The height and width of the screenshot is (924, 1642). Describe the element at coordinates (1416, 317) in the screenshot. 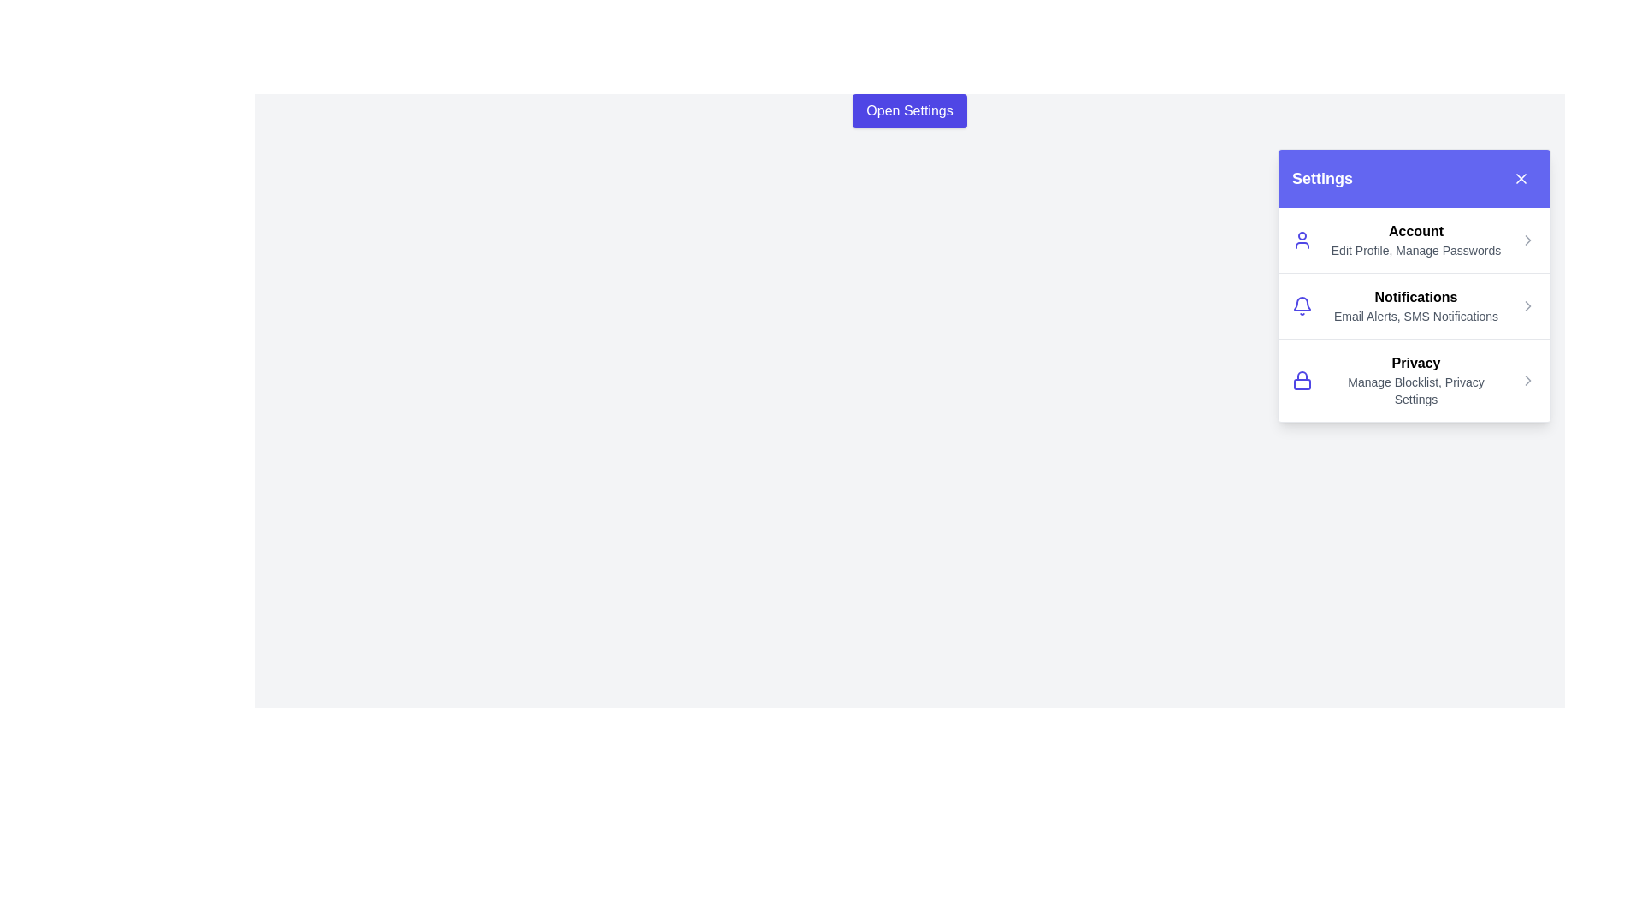

I see `the Text label that describes the types of notifications, located under the 'Notifications' heading in the settings panel` at that location.